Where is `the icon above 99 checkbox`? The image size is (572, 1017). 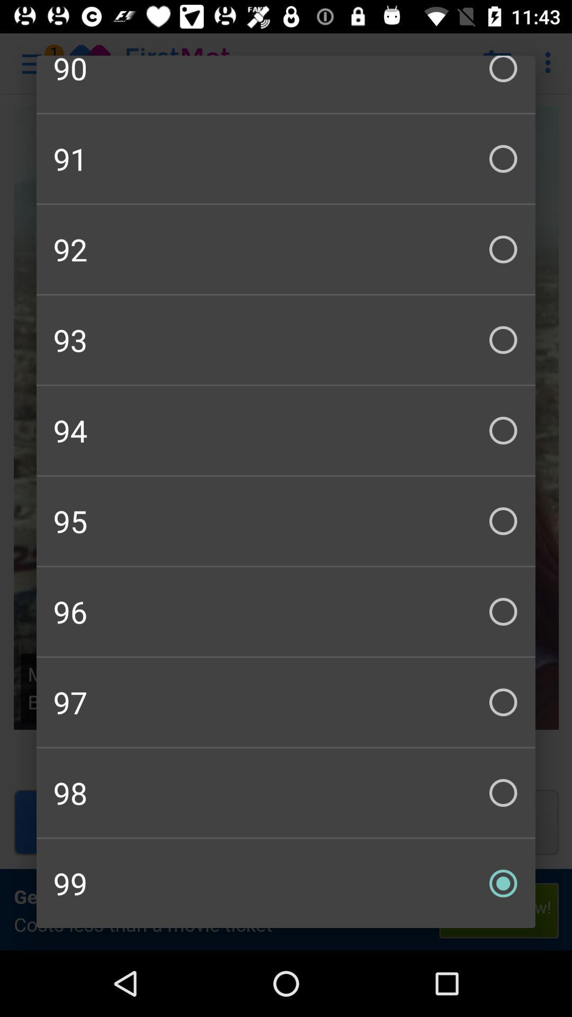 the icon above 99 checkbox is located at coordinates (286, 793).